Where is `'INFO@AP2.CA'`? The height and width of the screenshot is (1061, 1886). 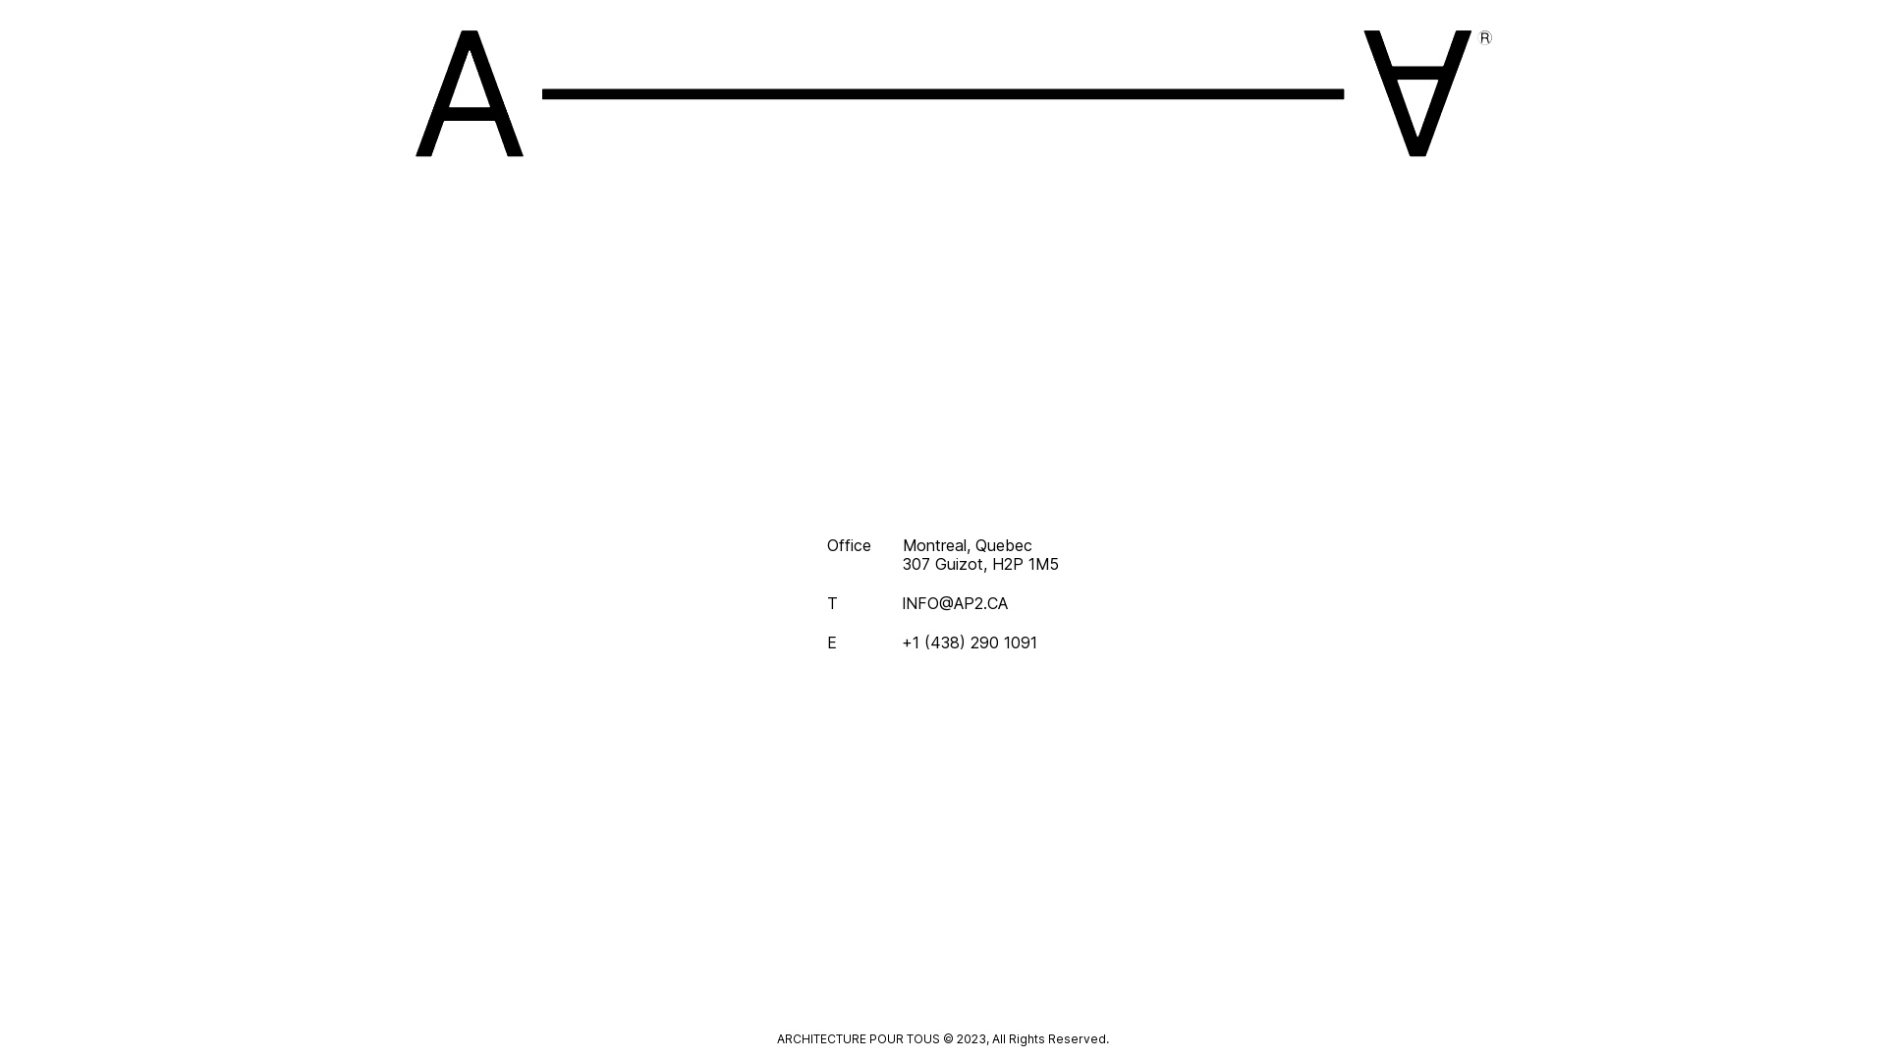
'INFO@AP2.CA' is located at coordinates (900, 602).